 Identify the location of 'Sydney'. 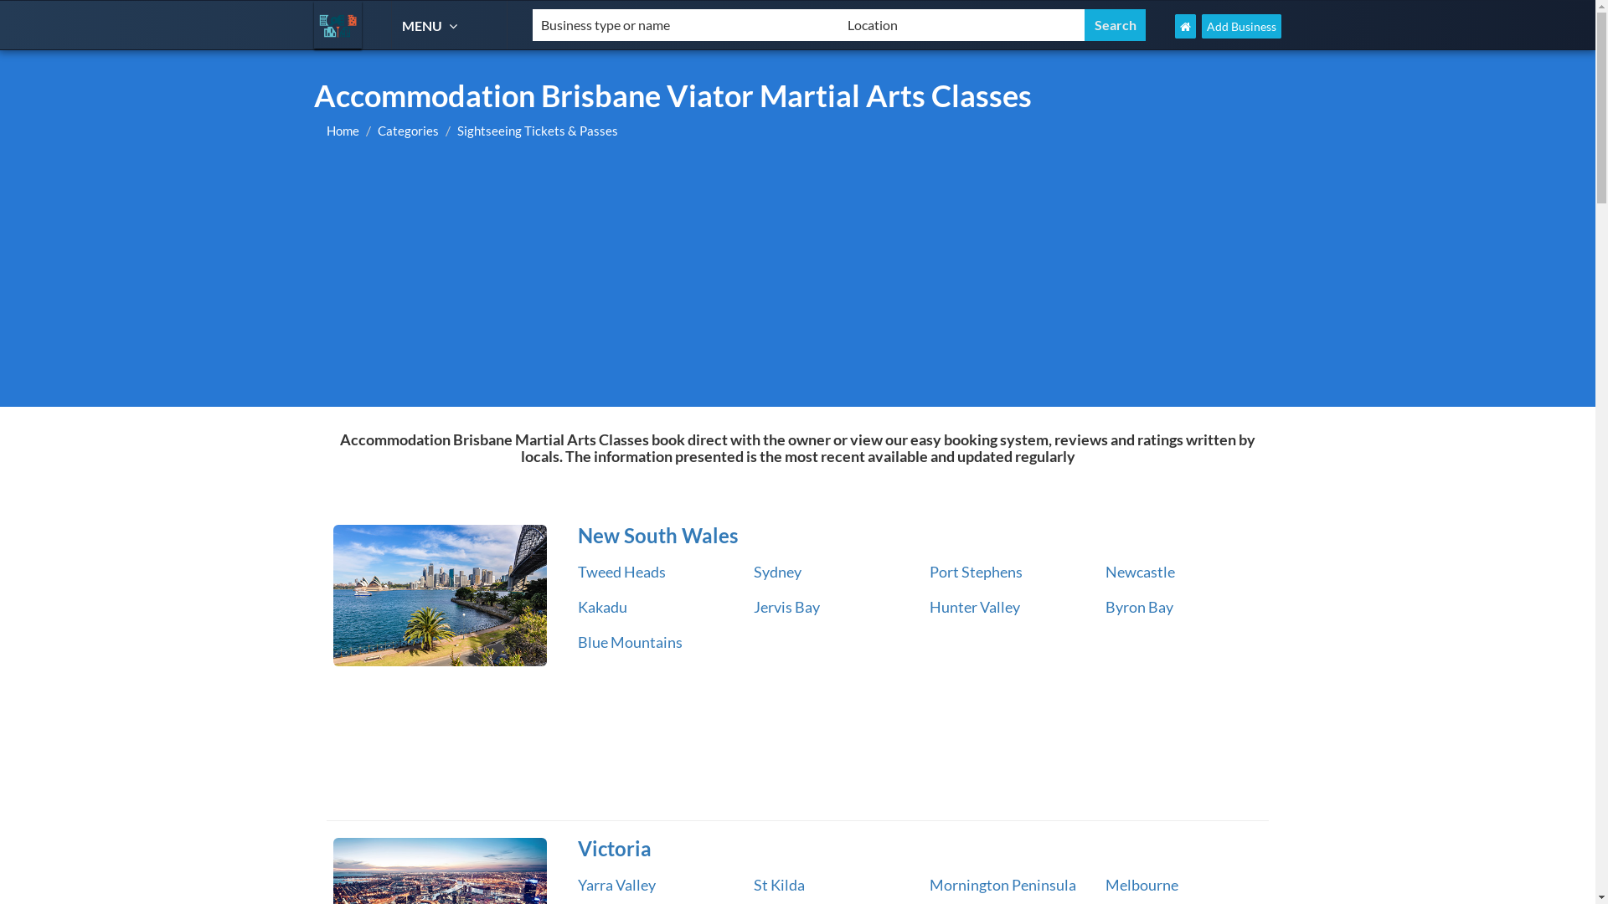
(776, 570).